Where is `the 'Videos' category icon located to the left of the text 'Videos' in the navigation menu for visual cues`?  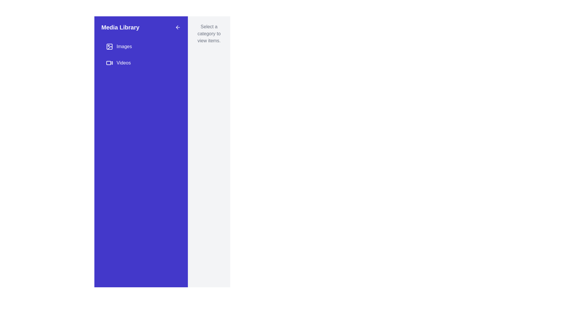 the 'Videos' category icon located to the left of the text 'Videos' in the navigation menu for visual cues is located at coordinates (109, 63).